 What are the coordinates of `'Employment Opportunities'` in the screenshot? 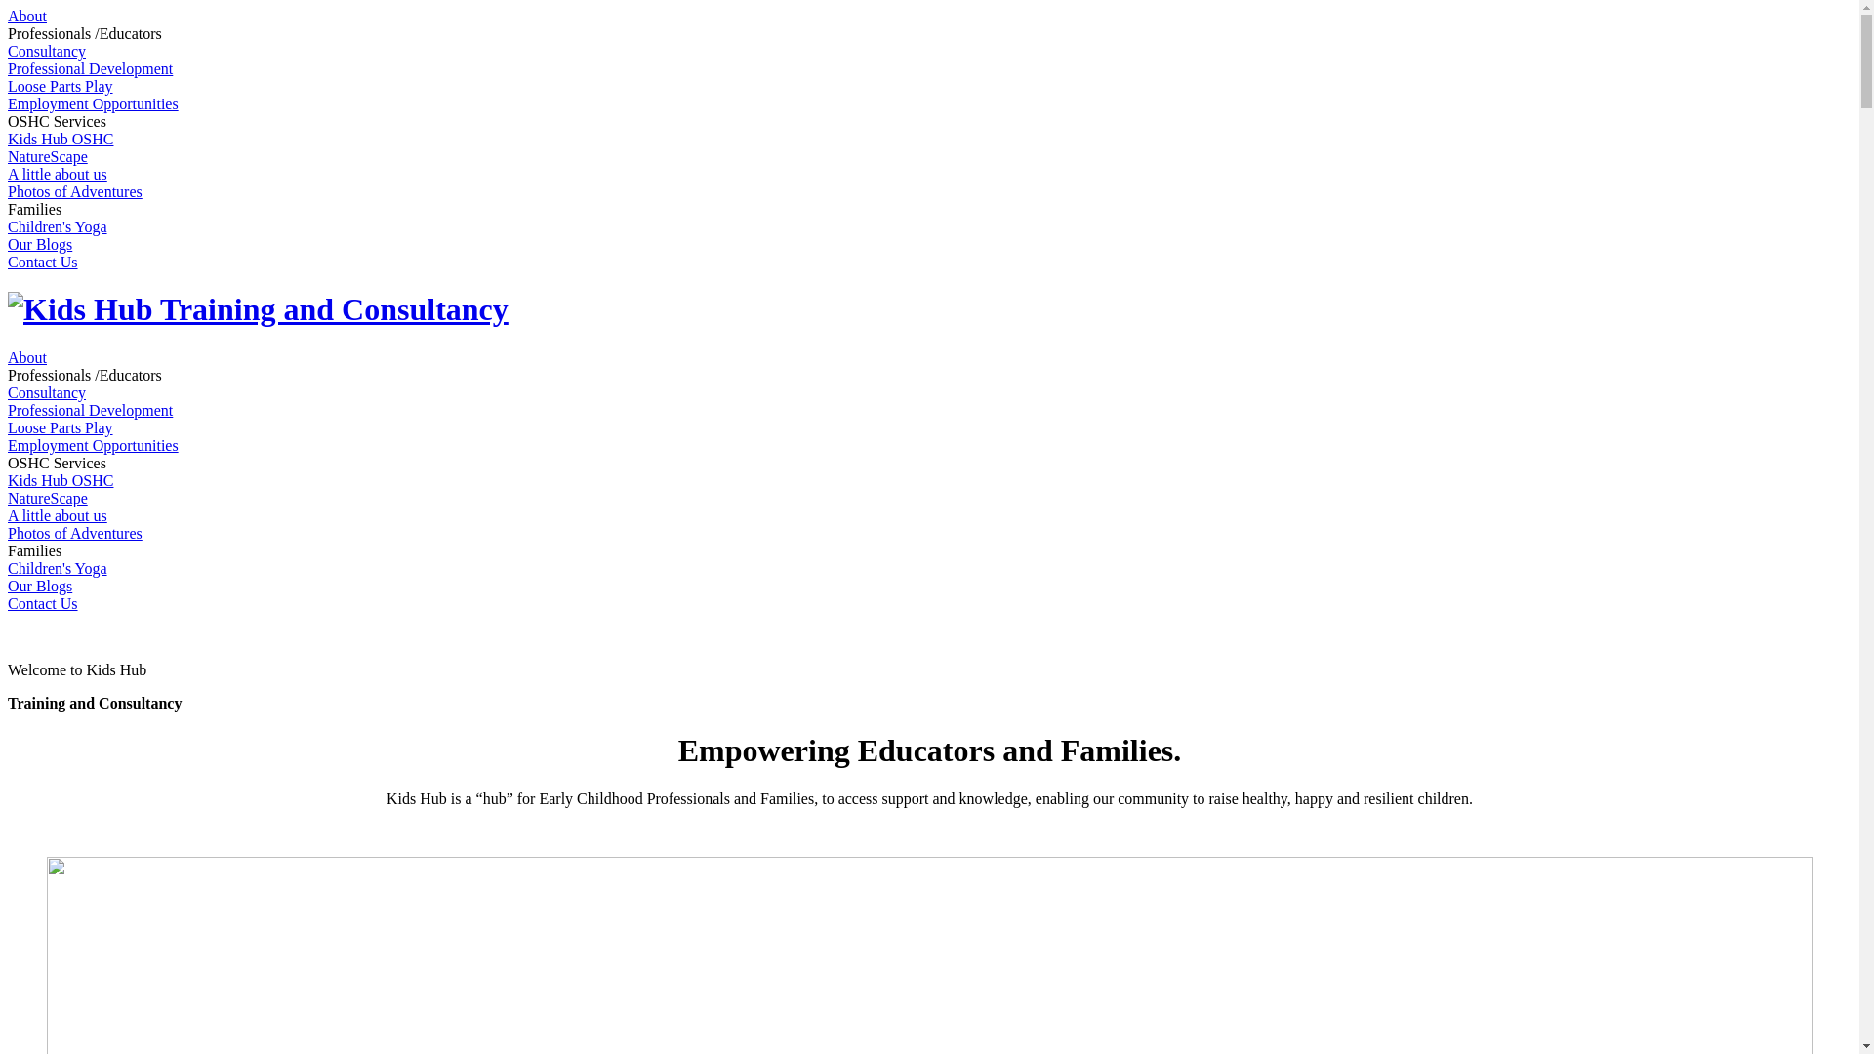 It's located at (92, 445).